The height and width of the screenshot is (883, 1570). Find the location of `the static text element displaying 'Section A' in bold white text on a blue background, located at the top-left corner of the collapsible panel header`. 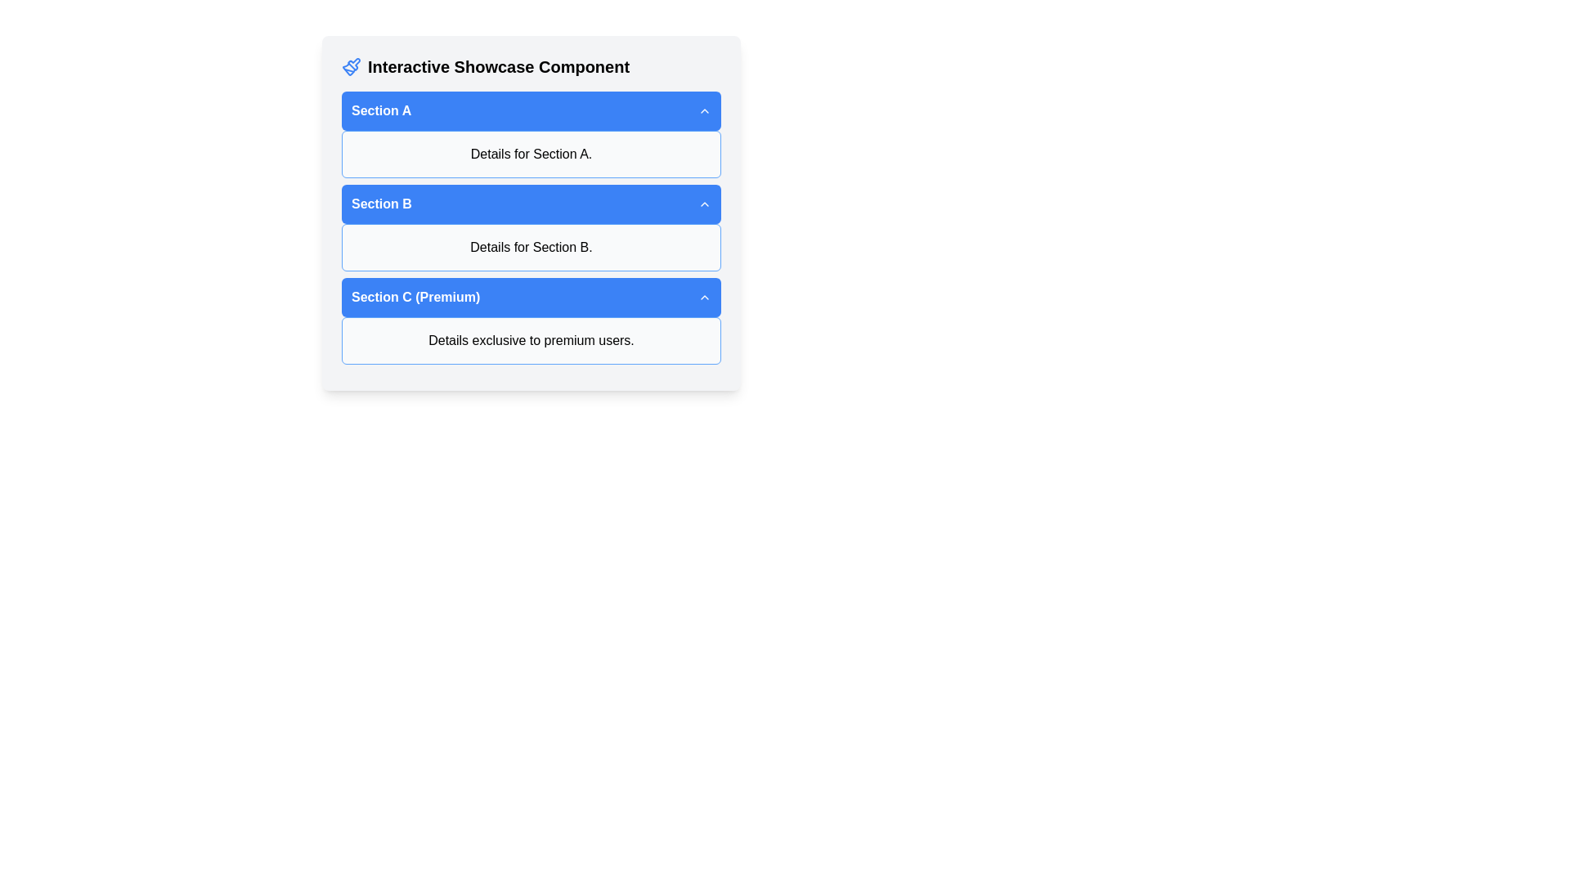

the static text element displaying 'Section A' in bold white text on a blue background, located at the top-left corner of the collapsible panel header is located at coordinates (380, 110).